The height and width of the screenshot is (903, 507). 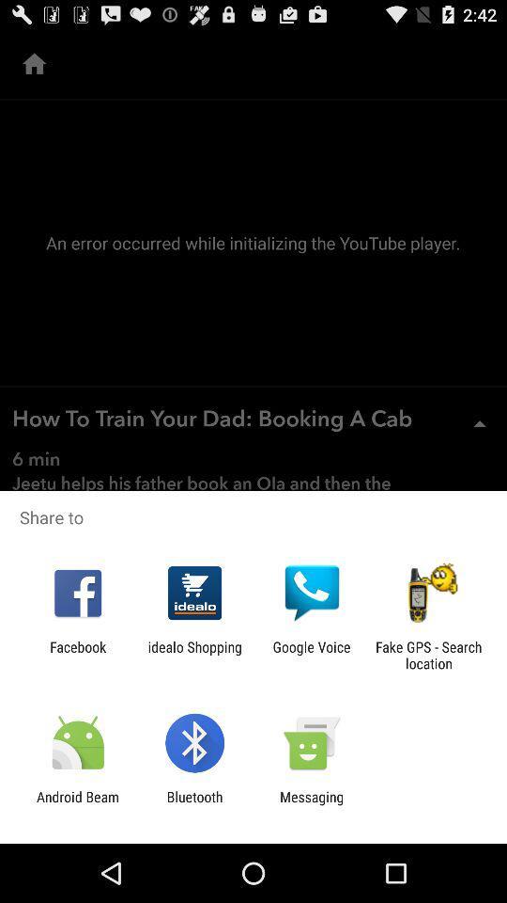 What do you see at coordinates (428, 655) in the screenshot?
I see `the item next to the google voice icon` at bounding box center [428, 655].